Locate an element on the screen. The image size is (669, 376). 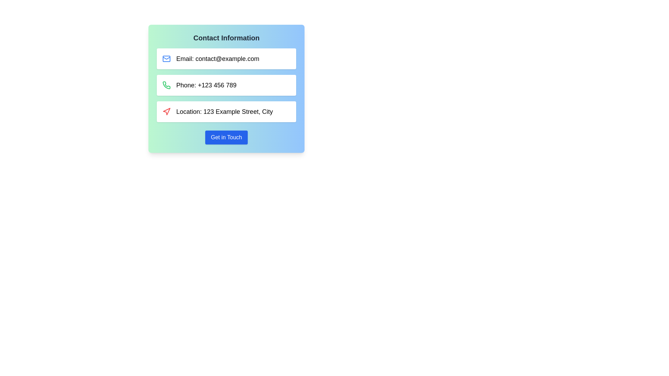
the Information display card that contains the text 'Location: 123 Example Street, City' and is styled as a rounded, shadowed card with a white background, located below the 'Phone' card and above the 'Get in Touch' button is located at coordinates (226, 111).